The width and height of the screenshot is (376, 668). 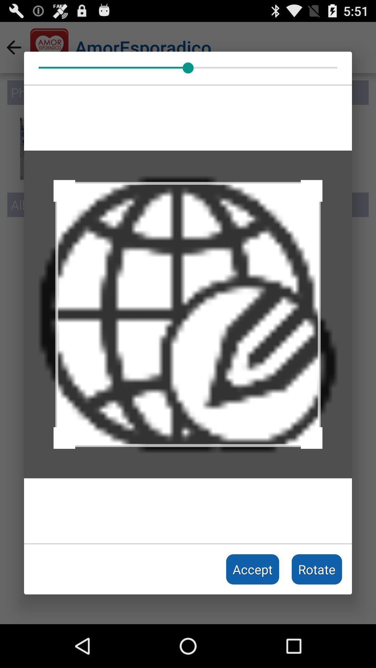 I want to click on the icon to the right of accept, so click(x=317, y=569).